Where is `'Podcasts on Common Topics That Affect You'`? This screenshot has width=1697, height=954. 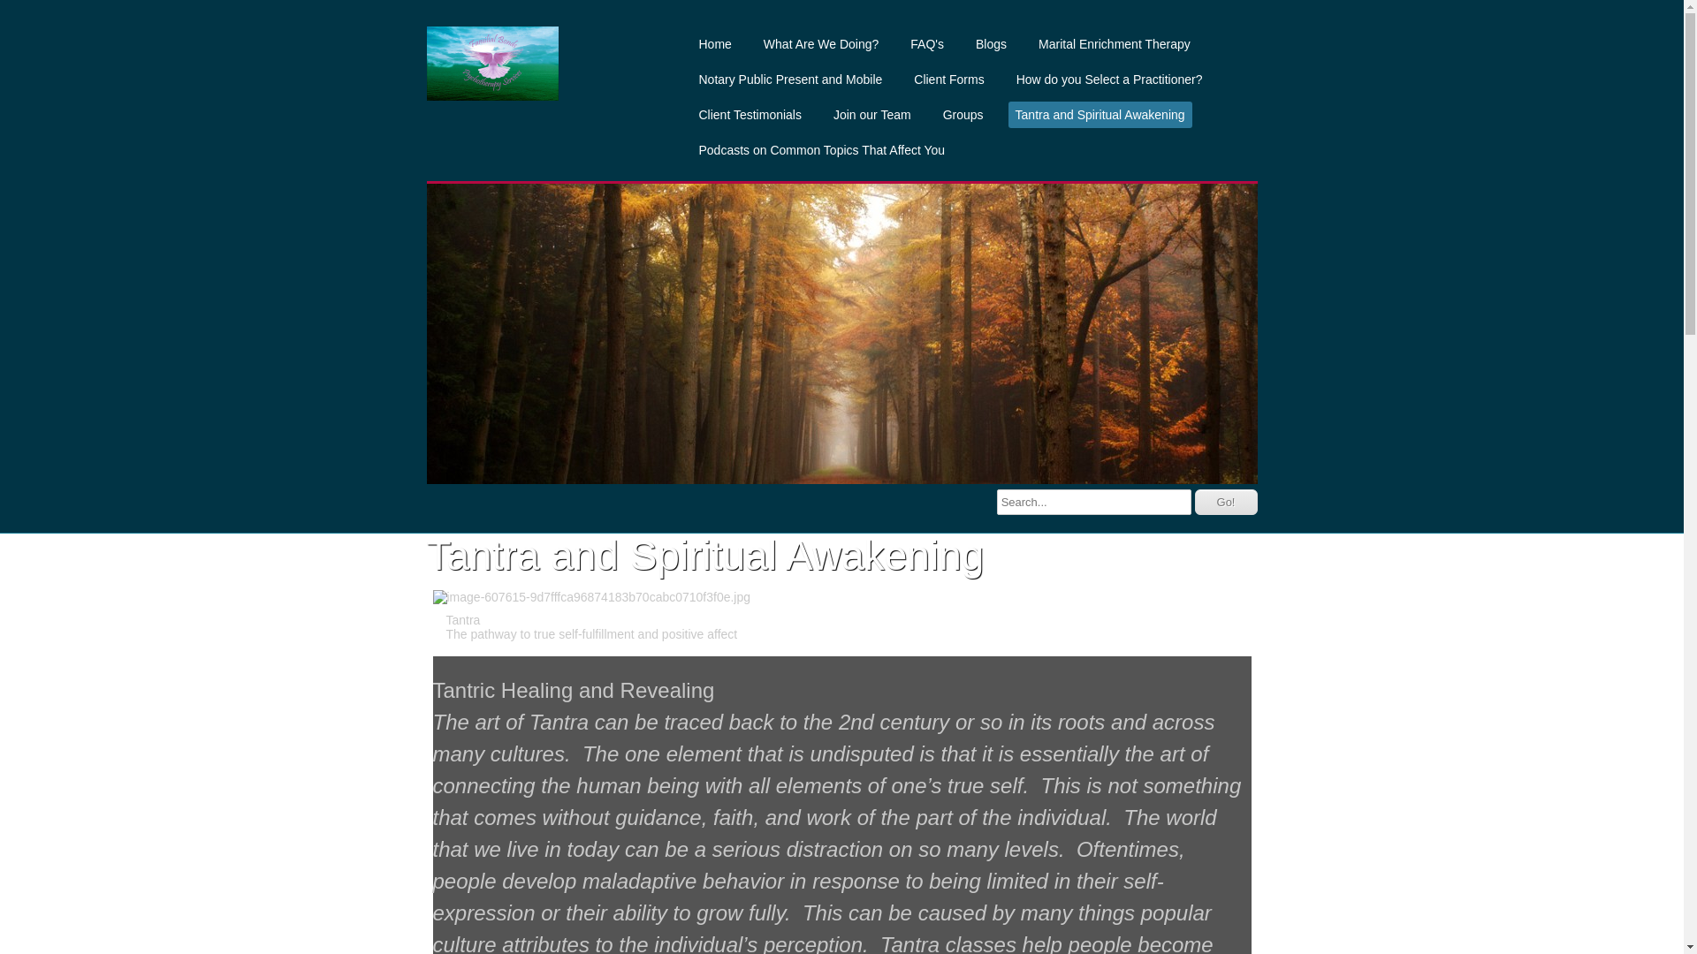
'Podcasts on Common Topics That Affect You' is located at coordinates (820, 148).